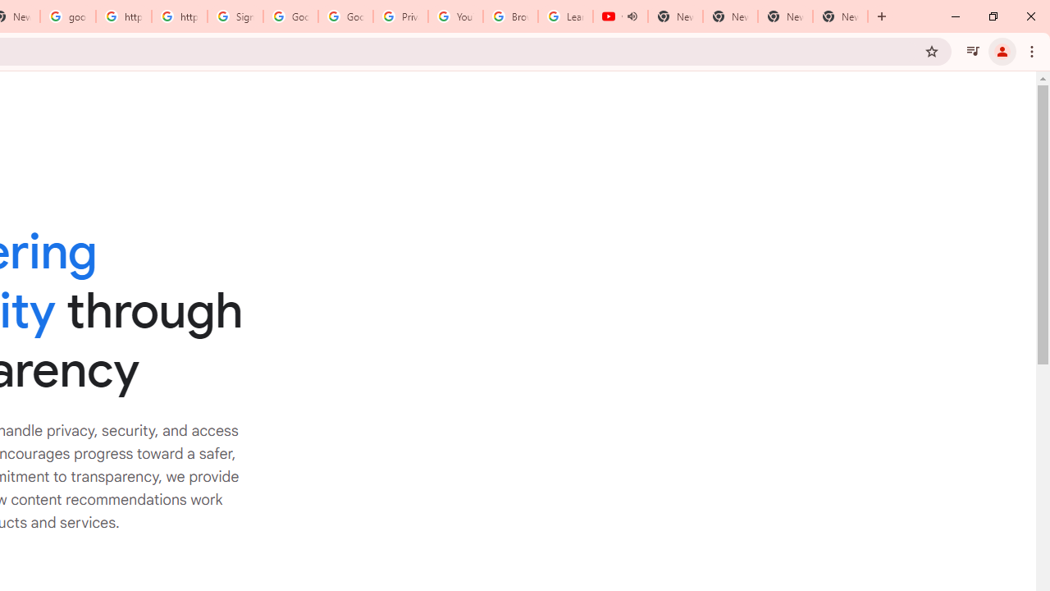 This screenshot has width=1050, height=591. What do you see at coordinates (235, 16) in the screenshot?
I see `'Sign in - Google Accounts'` at bounding box center [235, 16].